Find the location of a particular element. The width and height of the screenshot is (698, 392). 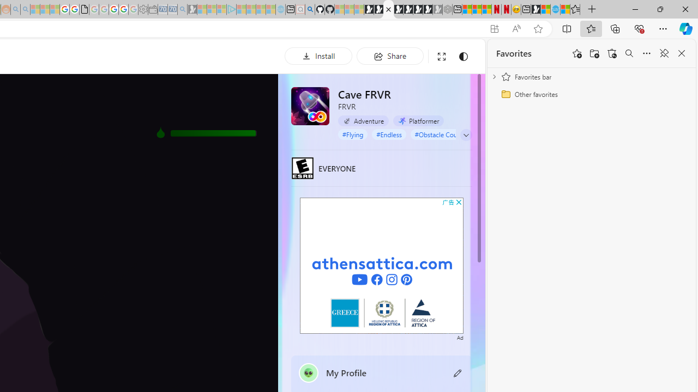

'Search favorites' is located at coordinates (629, 53).